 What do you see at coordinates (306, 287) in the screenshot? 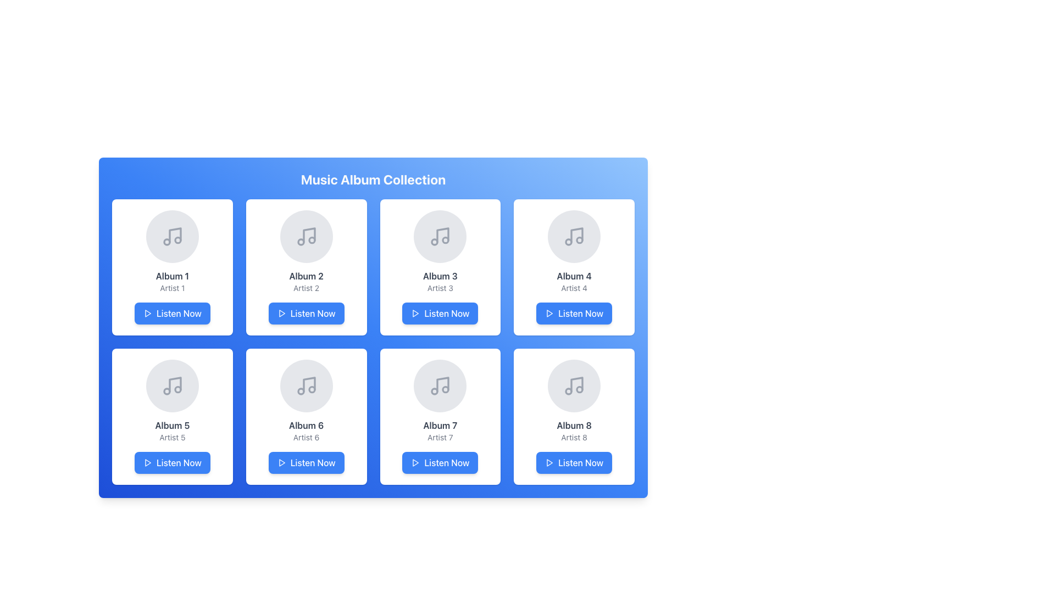
I see `the text label indicating the artist associated with 'Album 2', which is located below the album name in the card layout` at bounding box center [306, 287].